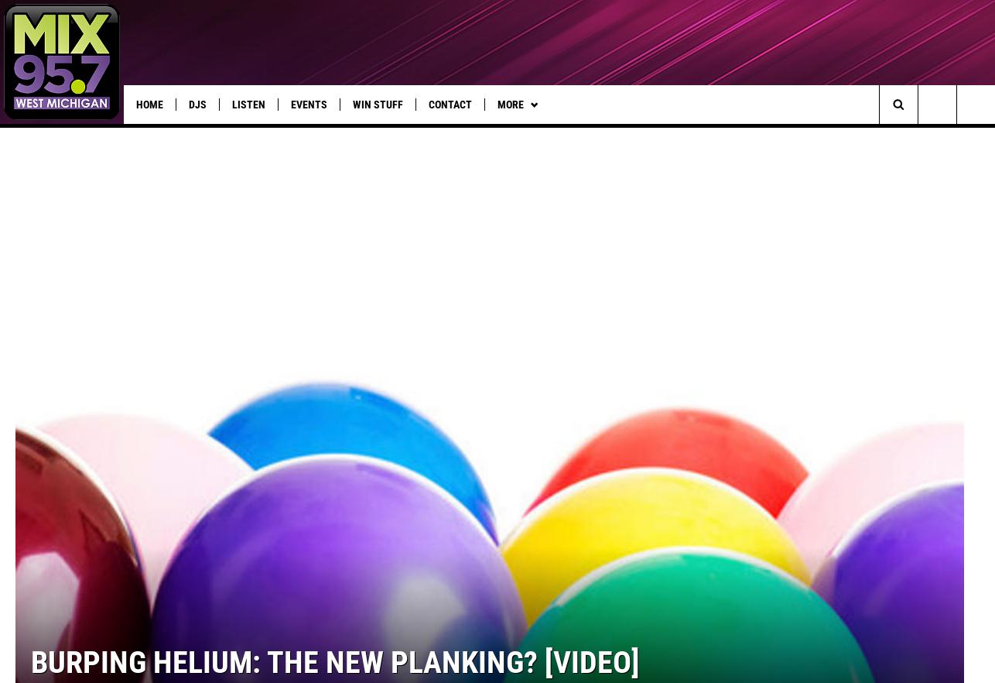  What do you see at coordinates (149, 105) in the screenshot?
I see `'Home'` at bounding box center [149, 105].